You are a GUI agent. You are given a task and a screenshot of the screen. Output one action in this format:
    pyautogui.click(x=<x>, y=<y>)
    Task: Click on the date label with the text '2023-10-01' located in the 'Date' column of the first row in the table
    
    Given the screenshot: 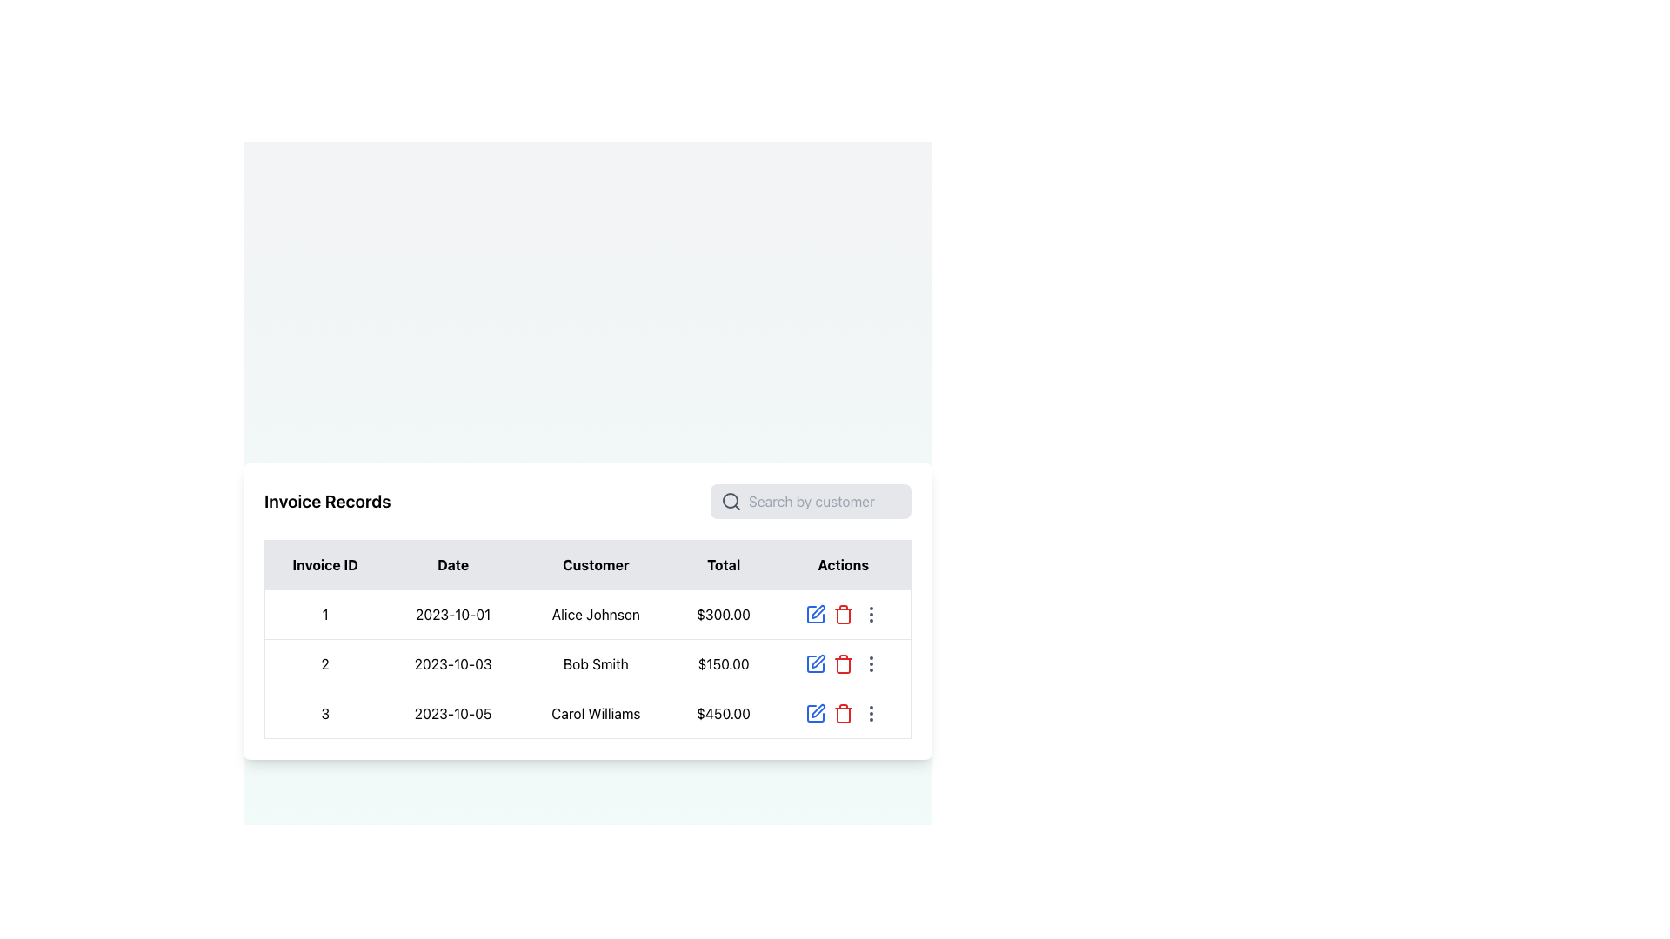 What is the action you would take?
    pyautogui.click(x=453, y=613)
    